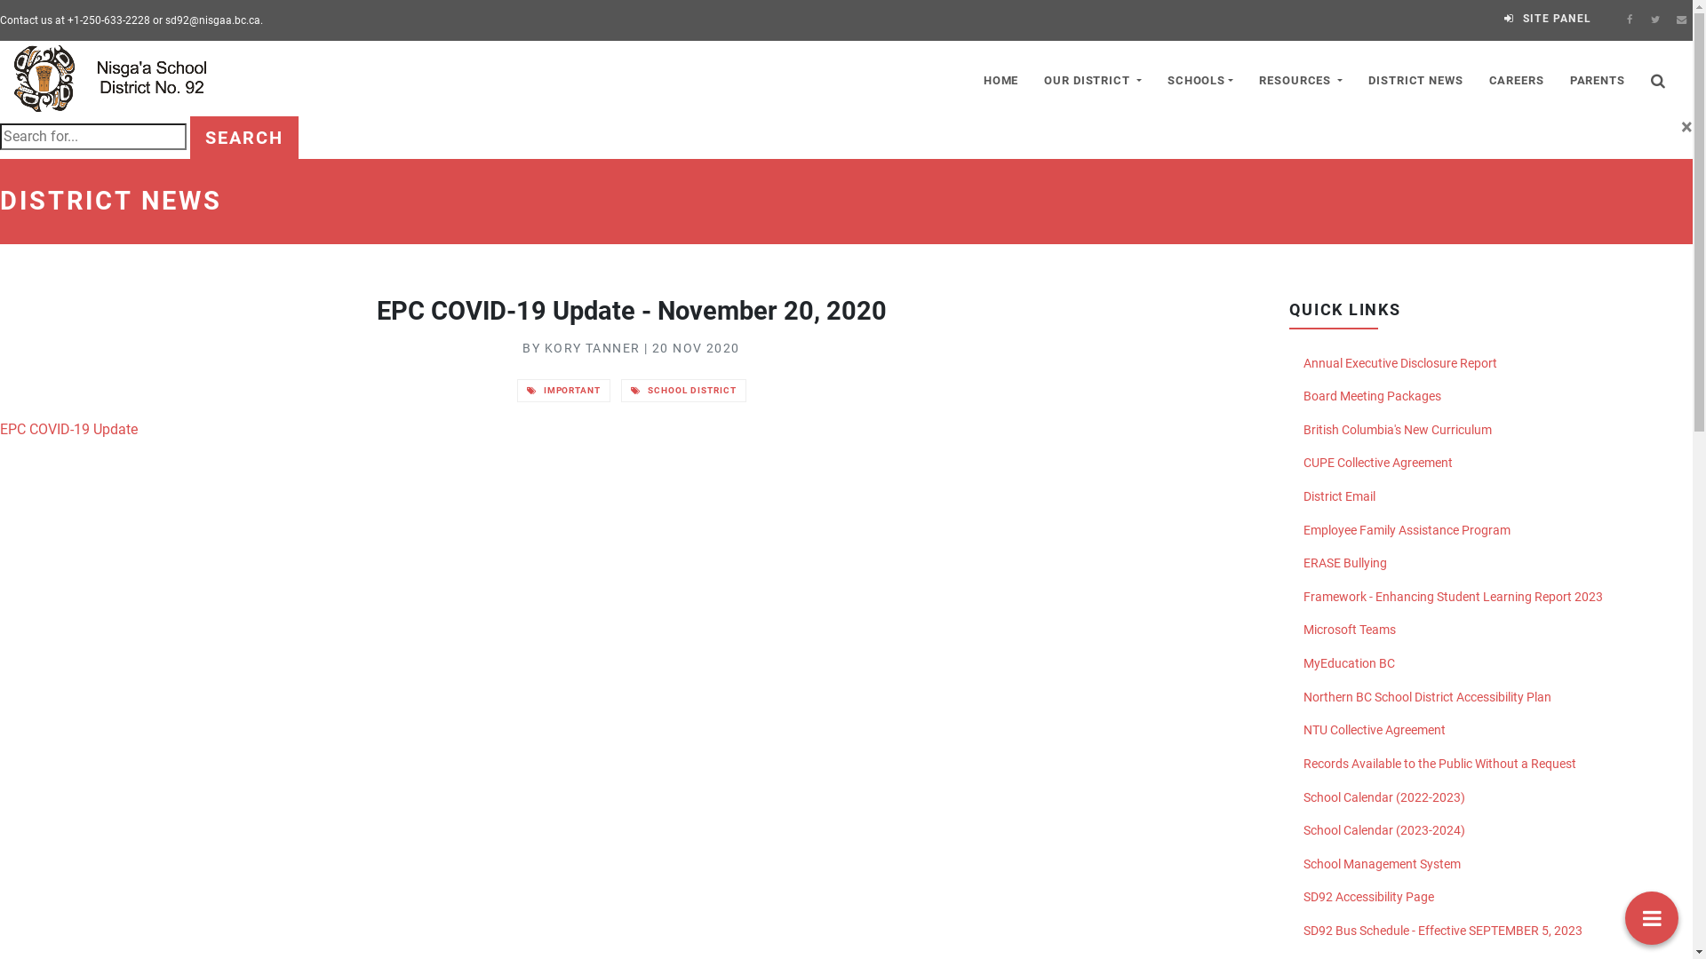 The height and width of the screenshot is (959, 1706). I want to click on 'SITE PANEL', so click(1547, 18).